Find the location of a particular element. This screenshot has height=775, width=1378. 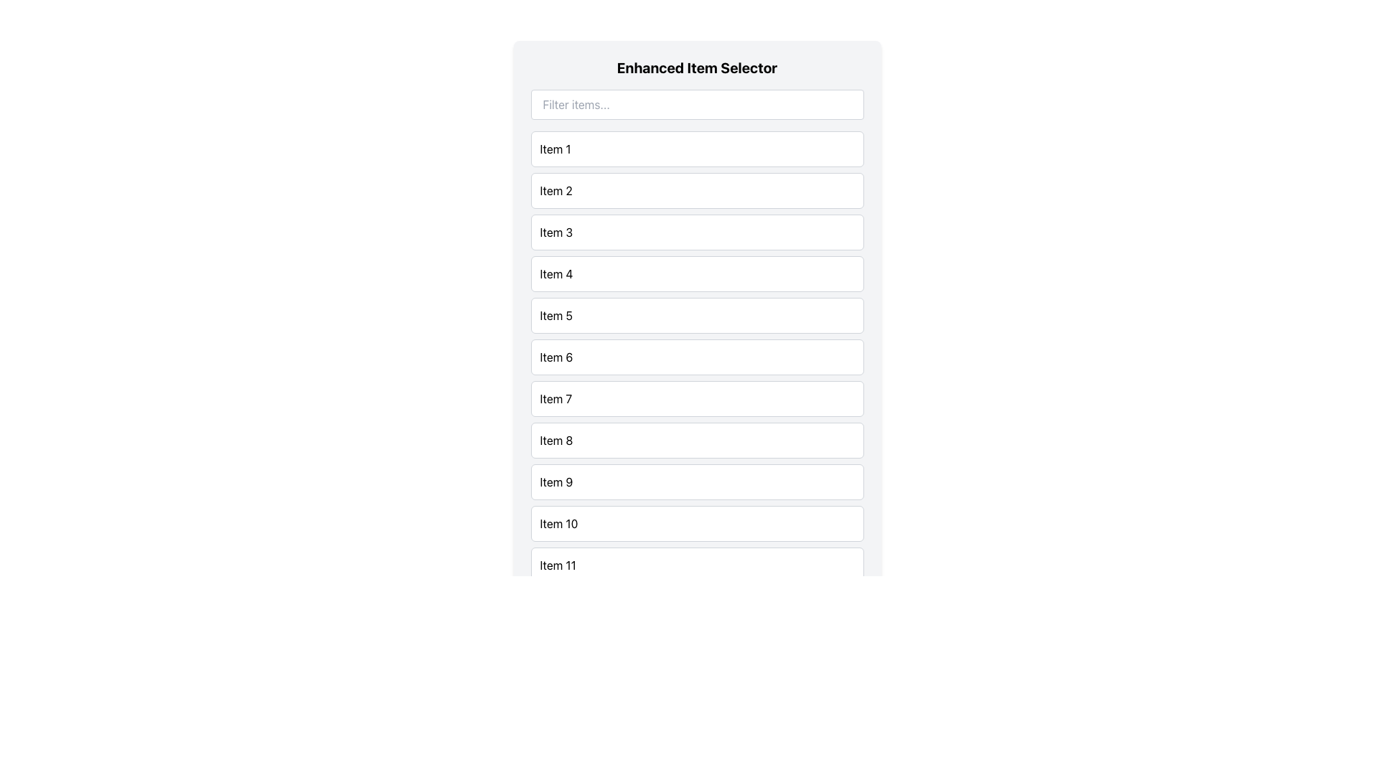

the eleventh item in a vertical list that represents a selectable button-like item, which is part of a form or selector interface is located at coordinates (697, 564).